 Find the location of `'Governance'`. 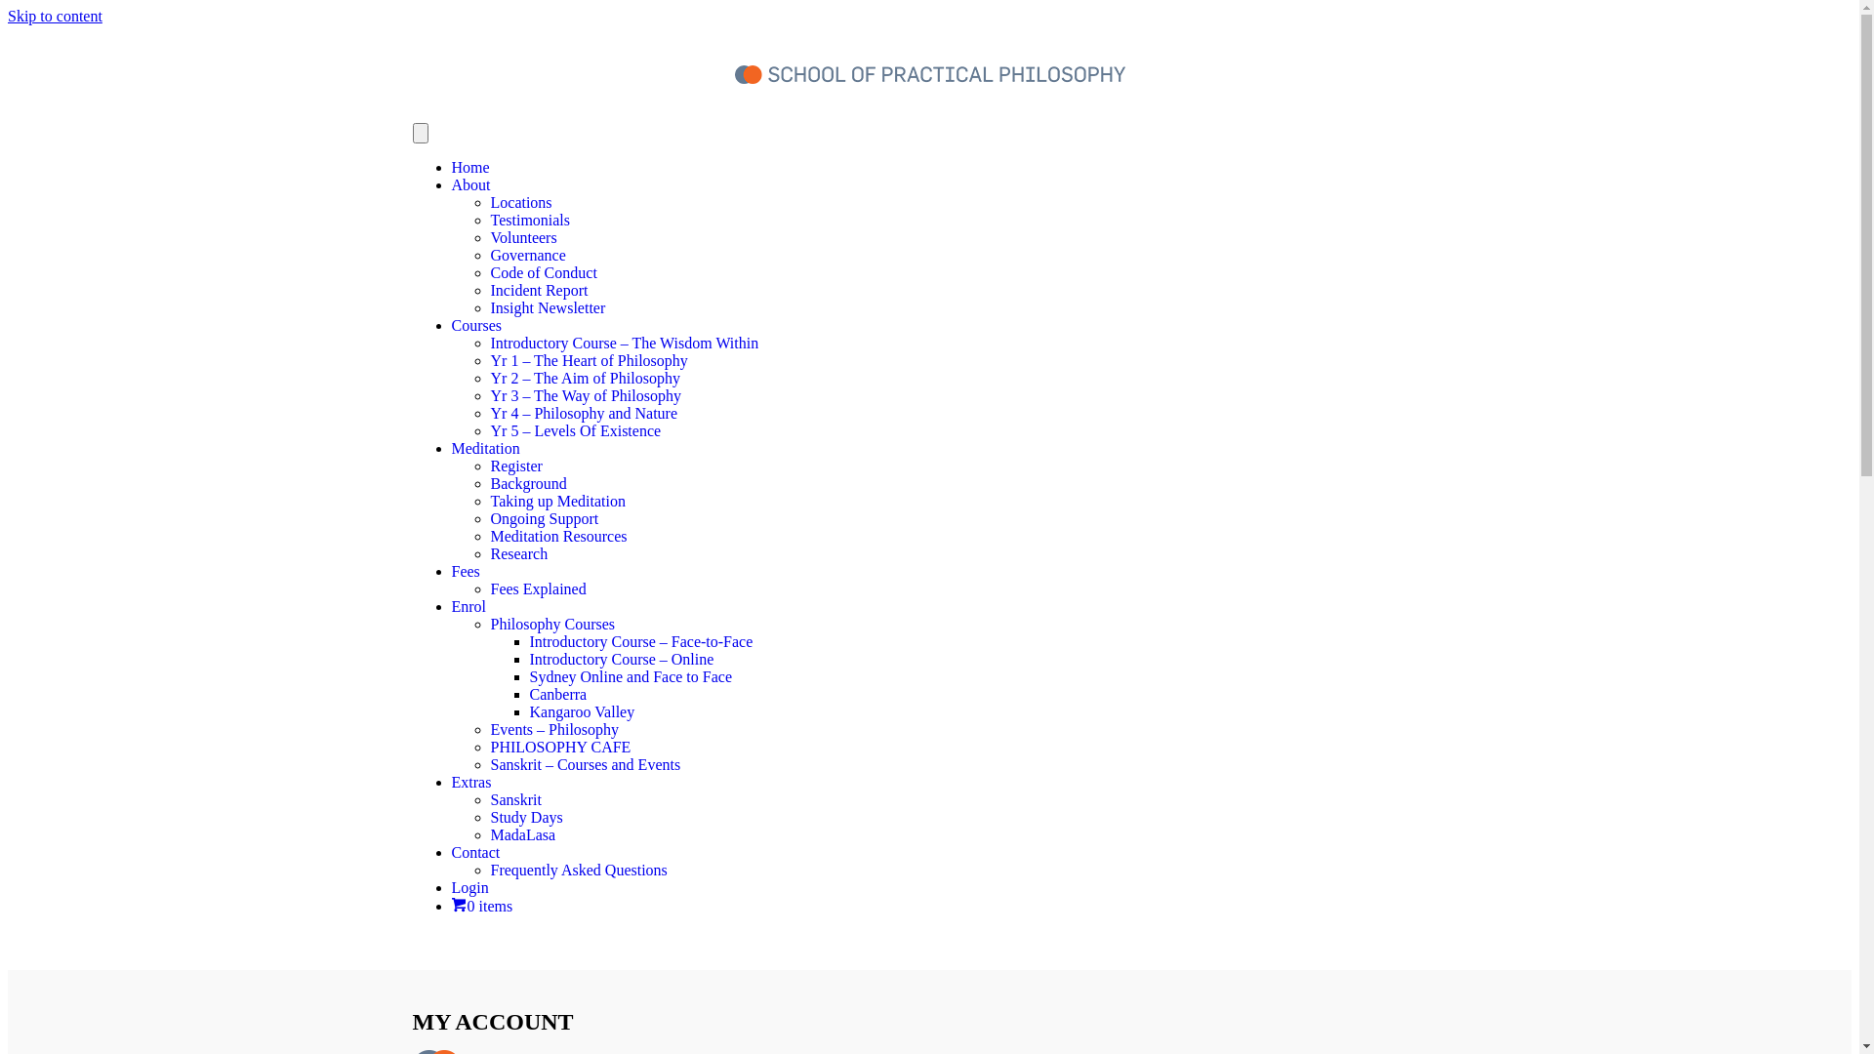

'Governance' is located at coordinates (527, 254).